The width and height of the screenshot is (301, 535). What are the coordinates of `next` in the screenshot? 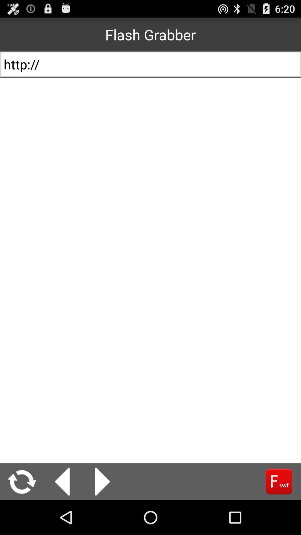 It's located at (103, 481).